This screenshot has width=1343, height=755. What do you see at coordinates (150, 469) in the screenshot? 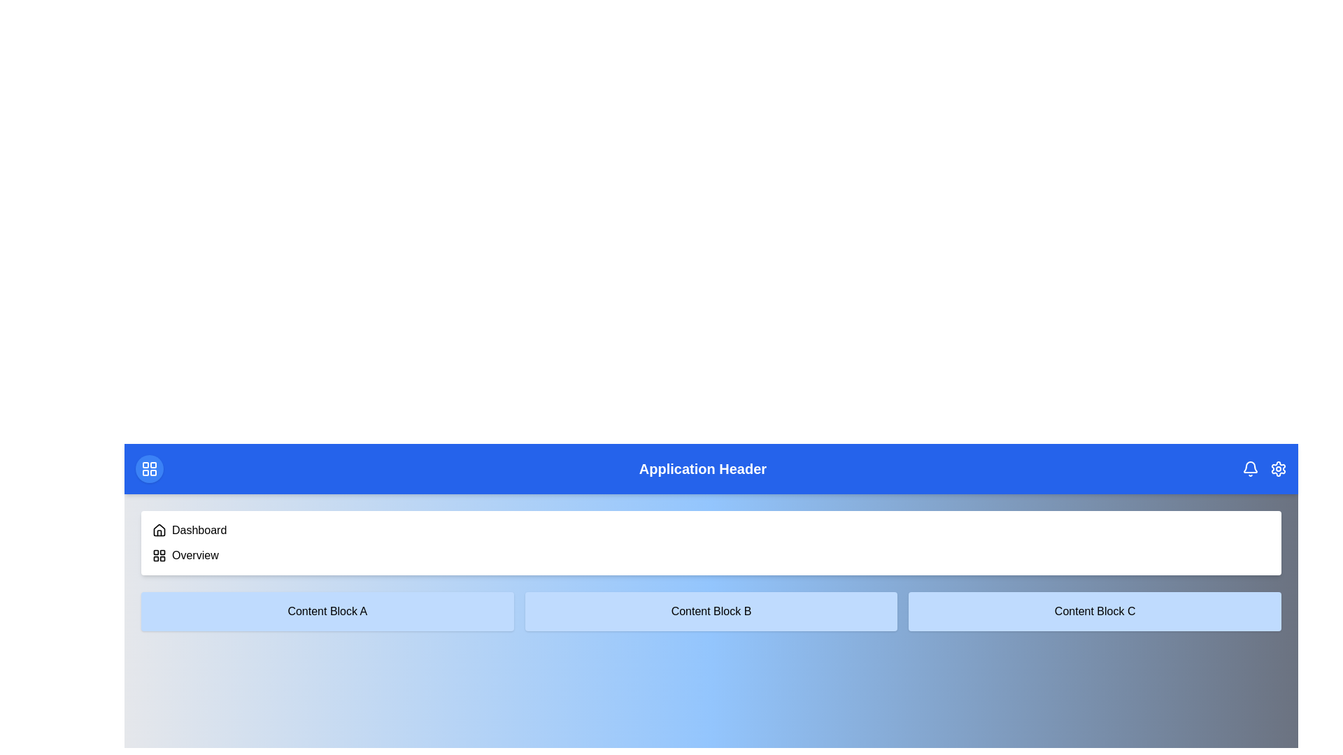
I see `the menu button to toggle the visibility of the navigation menu` at bounding box center [150, 469].